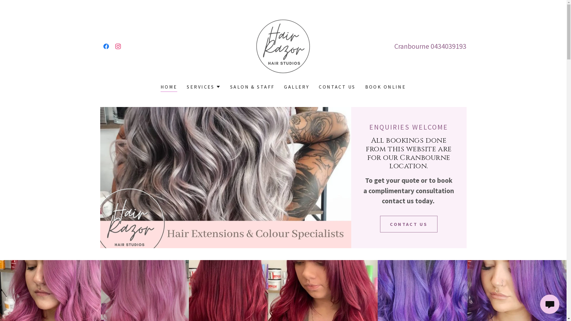 This screenshot has height=321, width=571. Describe the element at coordinates (385, 87) in the screenshot. I see `'BOOK ONLINE'` at that location.